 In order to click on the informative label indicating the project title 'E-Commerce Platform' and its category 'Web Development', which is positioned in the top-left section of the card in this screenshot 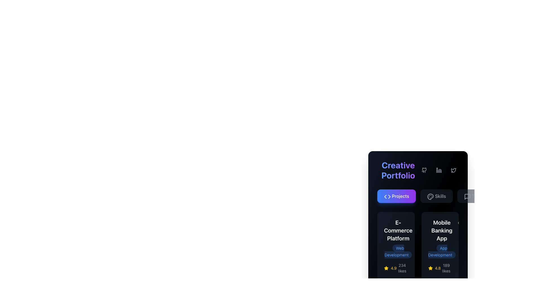, I will do `click(398, 238)`.